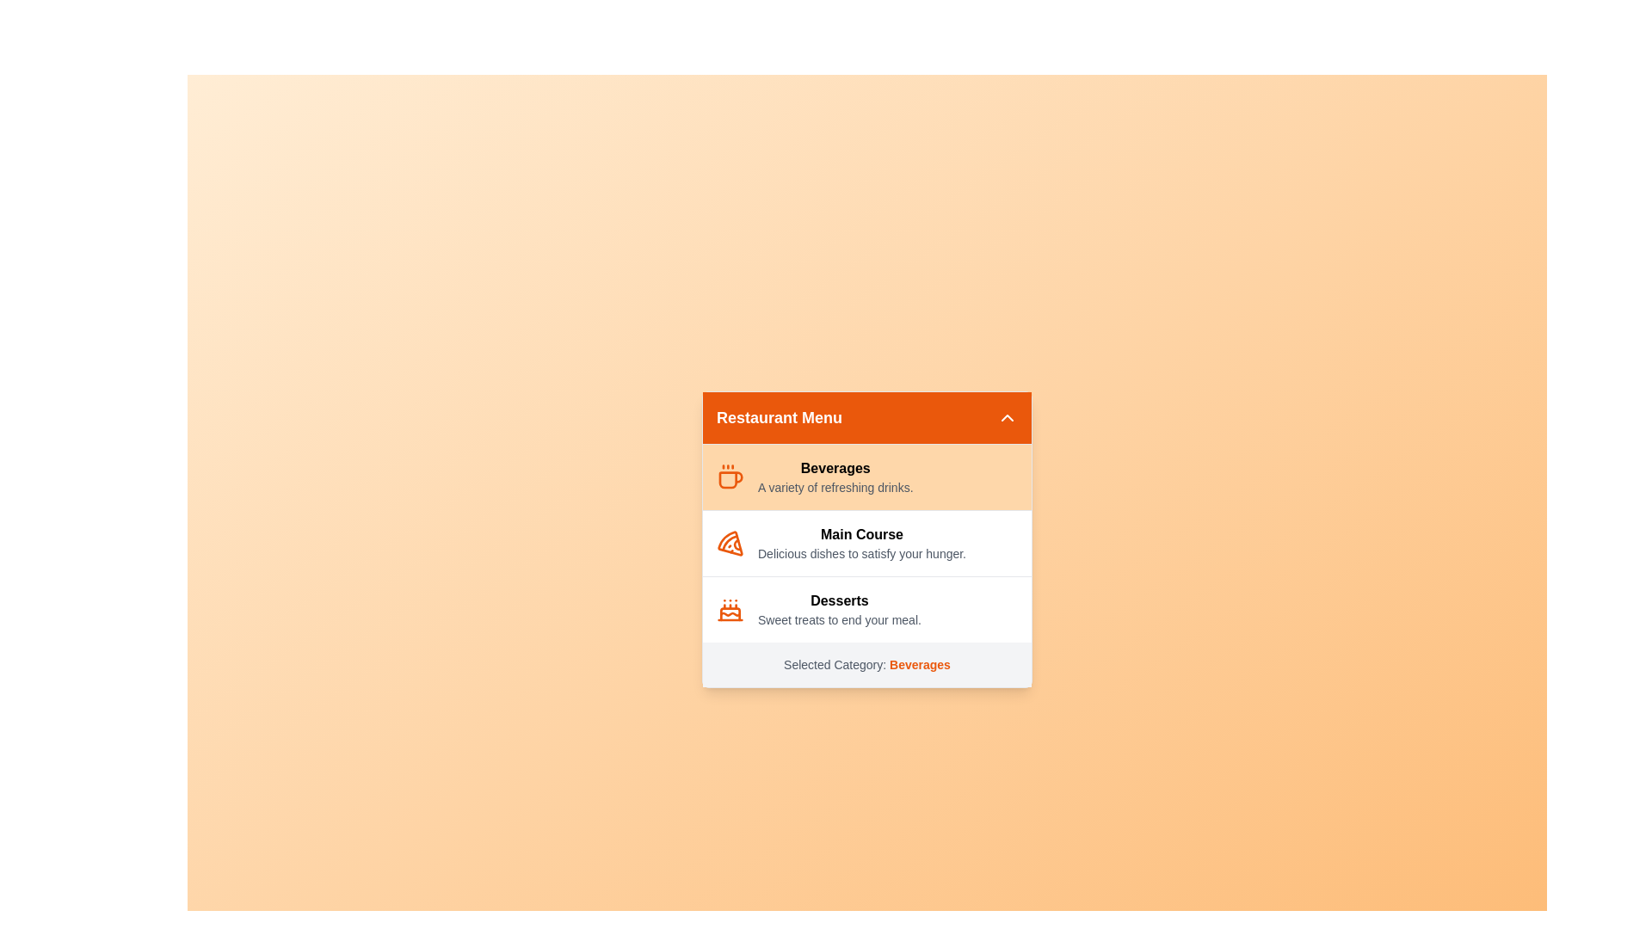 This screenshot has width=1652, height=929. What do you see at coordinates (867, 477) in the screenshot?
I see `the category Beverages from the list` at bounding box center [867, 477].